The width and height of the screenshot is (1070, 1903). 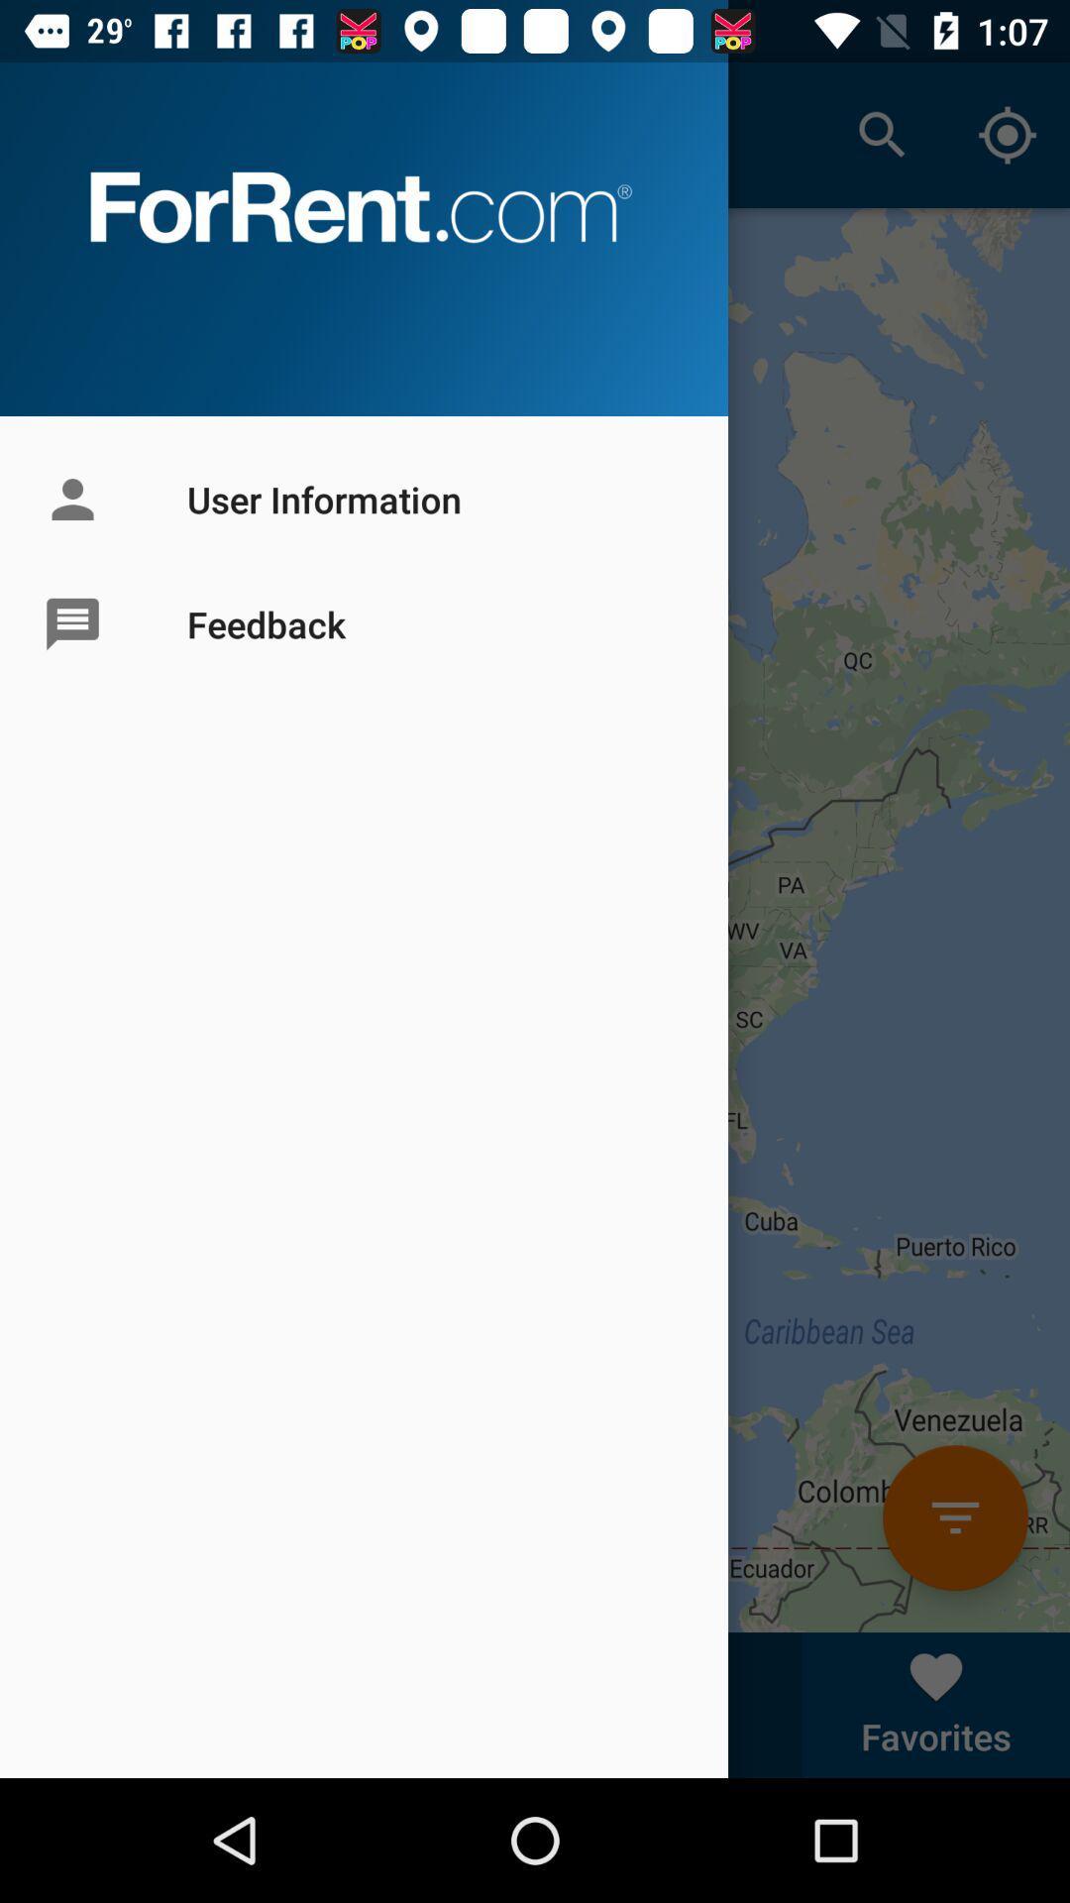 I want to click on orange colour icon above favorites, so click(x=954, y=1516).